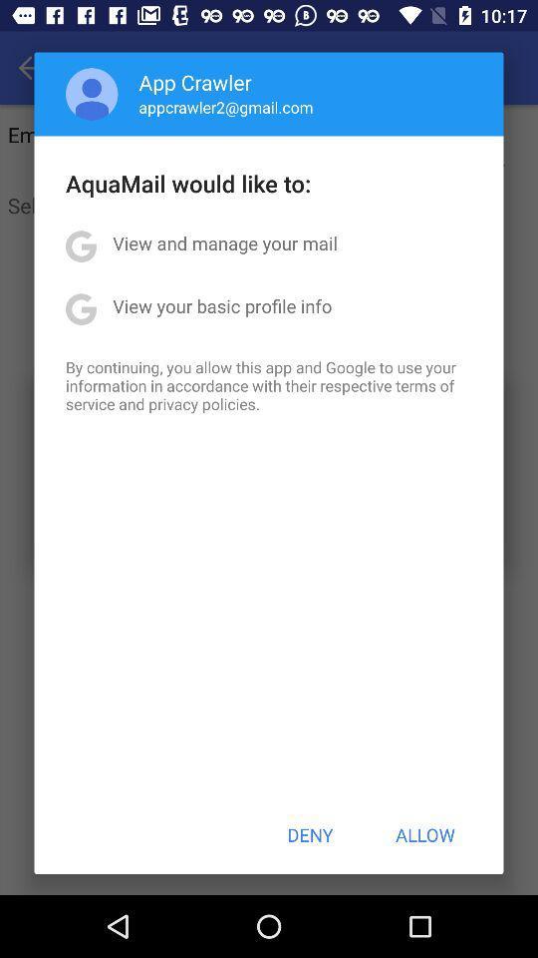 The height and width of the screenshot is (958, 538). I want to click on the icon to the left of allow, so click(310, 834).